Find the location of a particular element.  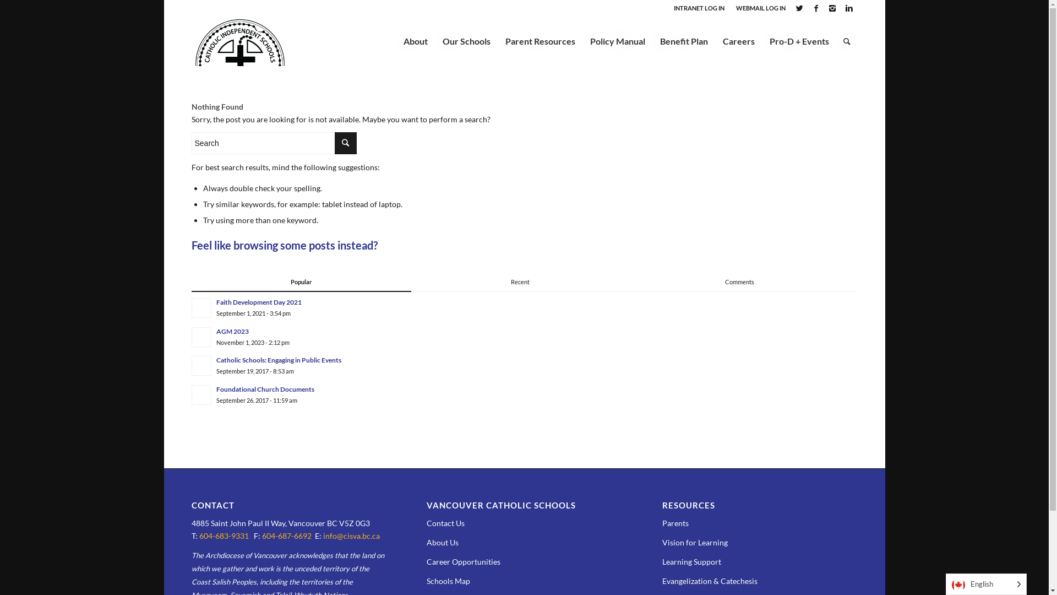

'Twitter' is located at coordinates (799, 8).